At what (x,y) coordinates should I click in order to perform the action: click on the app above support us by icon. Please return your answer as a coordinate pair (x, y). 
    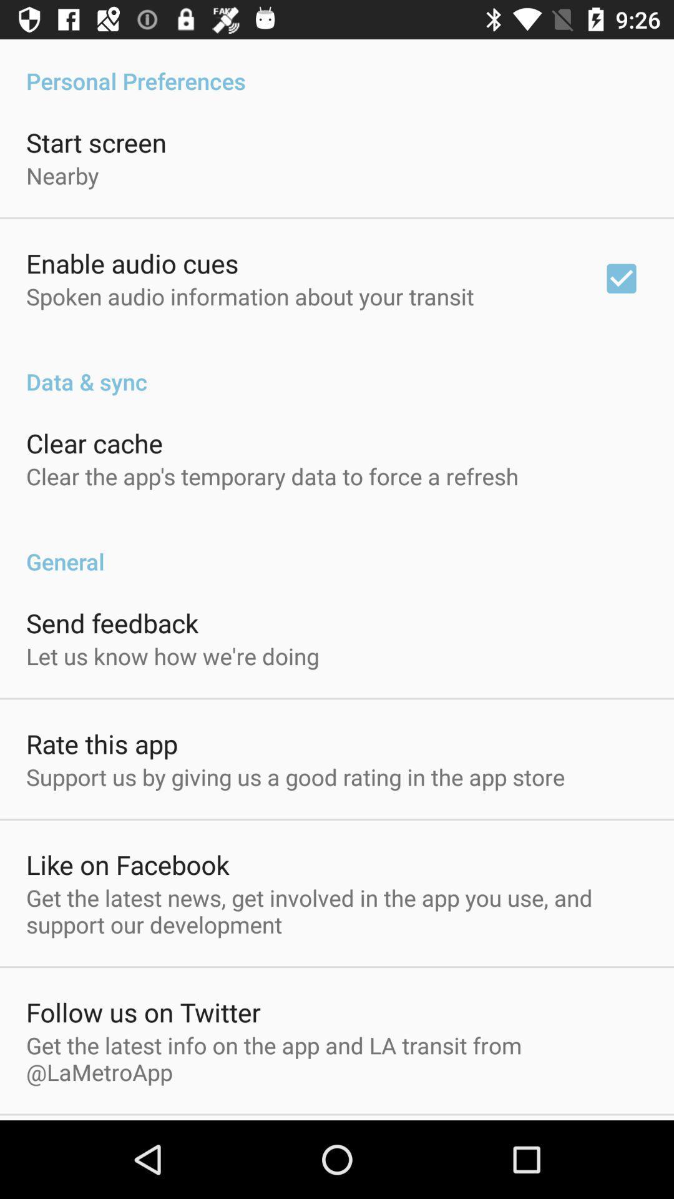
    Looking at the image, I should click on (101, 743).